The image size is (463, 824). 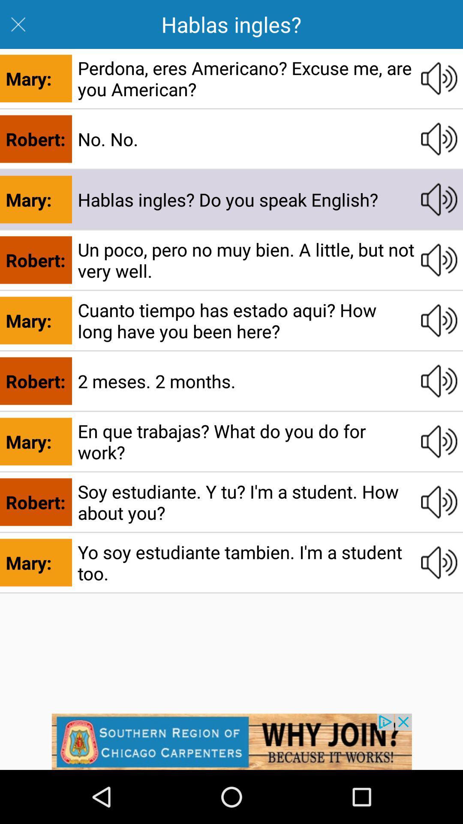 What do you see at coordinates (439, 502) in the screenshot?
I see `volume option` at bounding box center [439, 502].